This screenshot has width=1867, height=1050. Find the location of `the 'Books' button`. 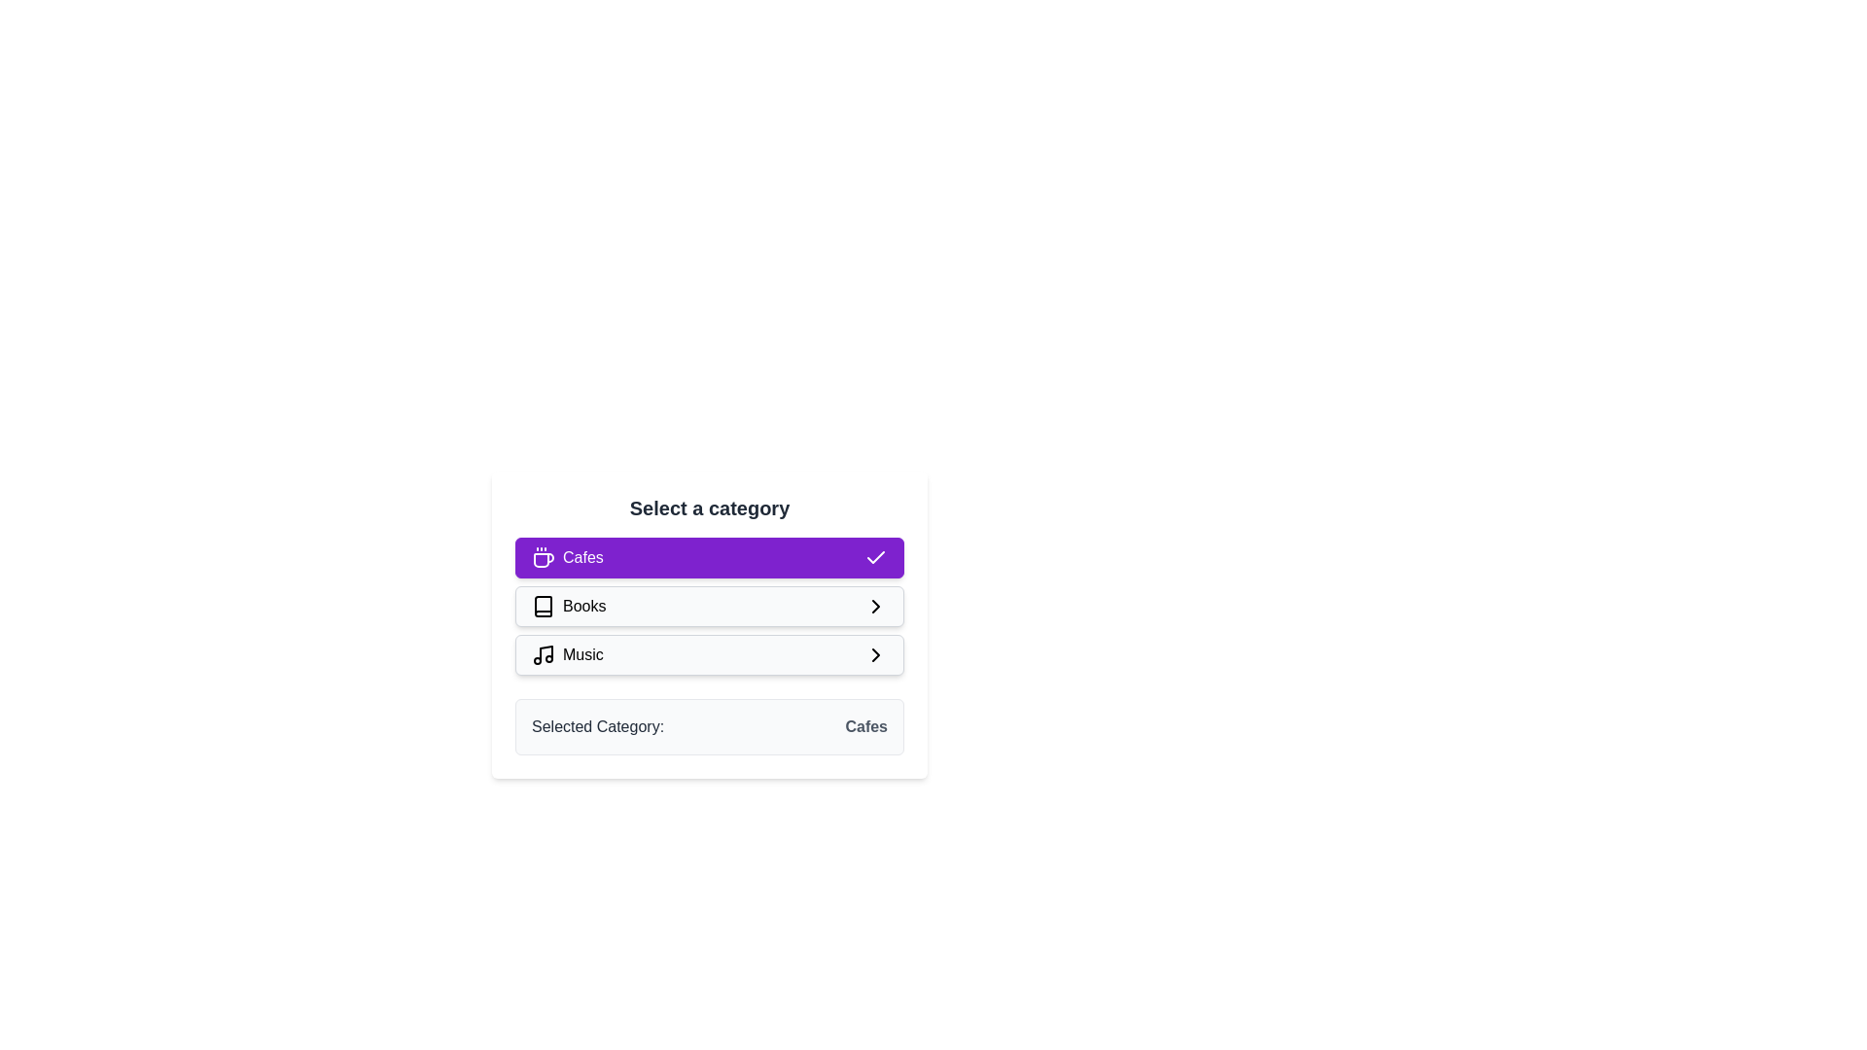

the 'Books' button is located at coordinates (708, 625).